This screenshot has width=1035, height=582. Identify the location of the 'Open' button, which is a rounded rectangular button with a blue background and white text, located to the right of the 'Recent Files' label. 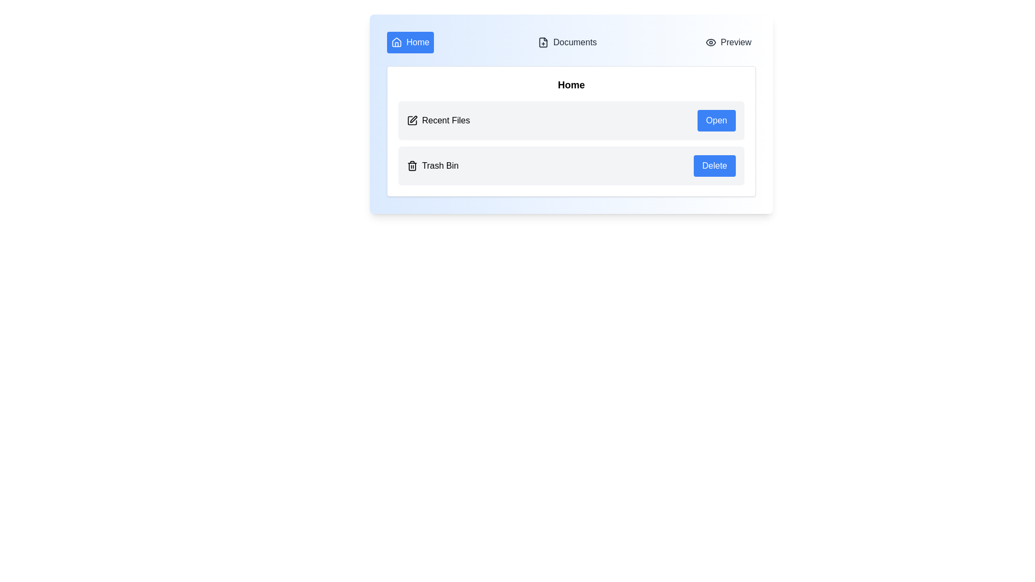
(716, 120).